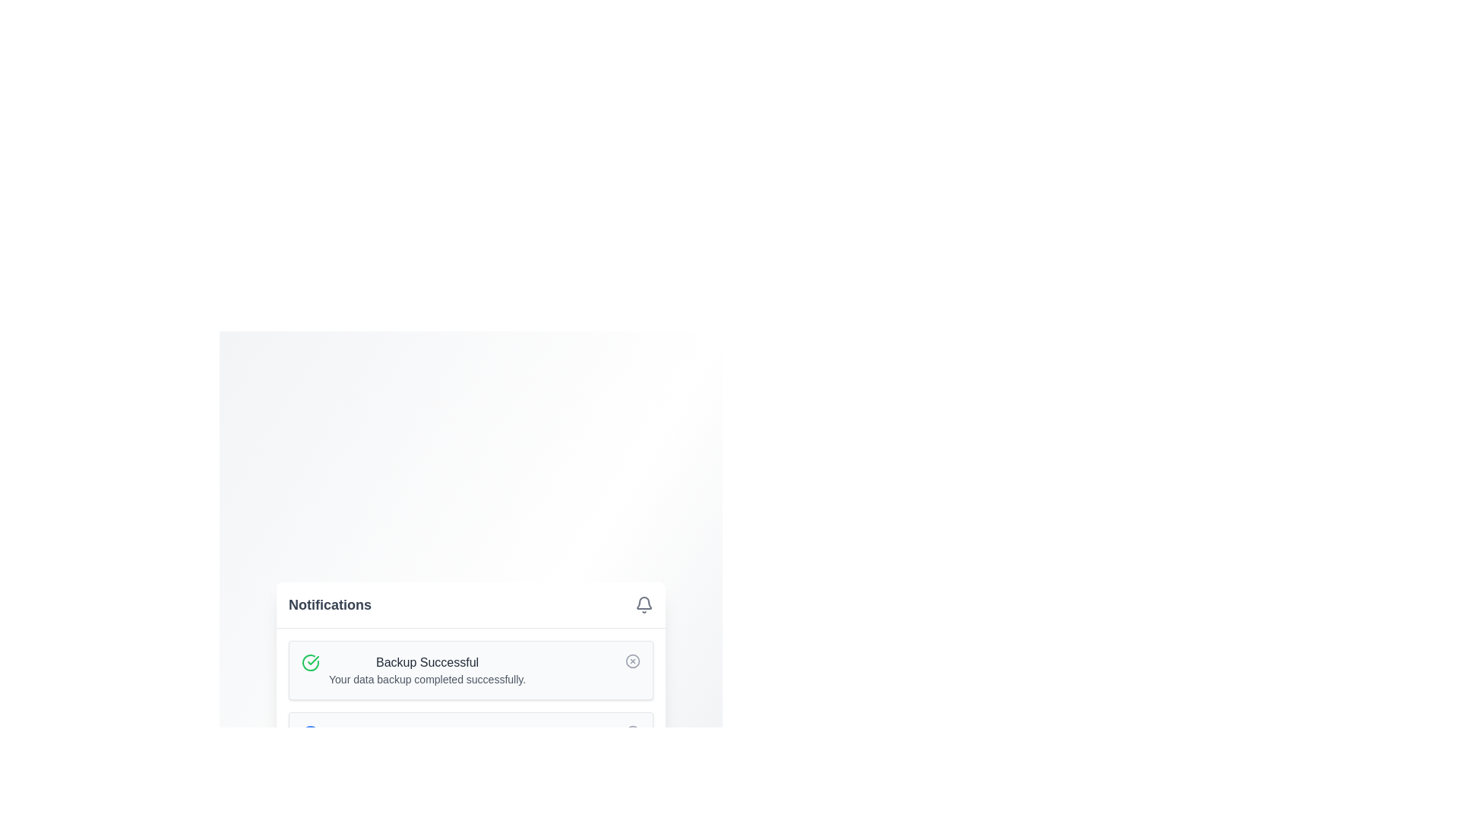 The height and width of the screenshot is (821, 1459). I want to click on the icon button located at the far right of the notification box to change the icon color, so click(633, 661).